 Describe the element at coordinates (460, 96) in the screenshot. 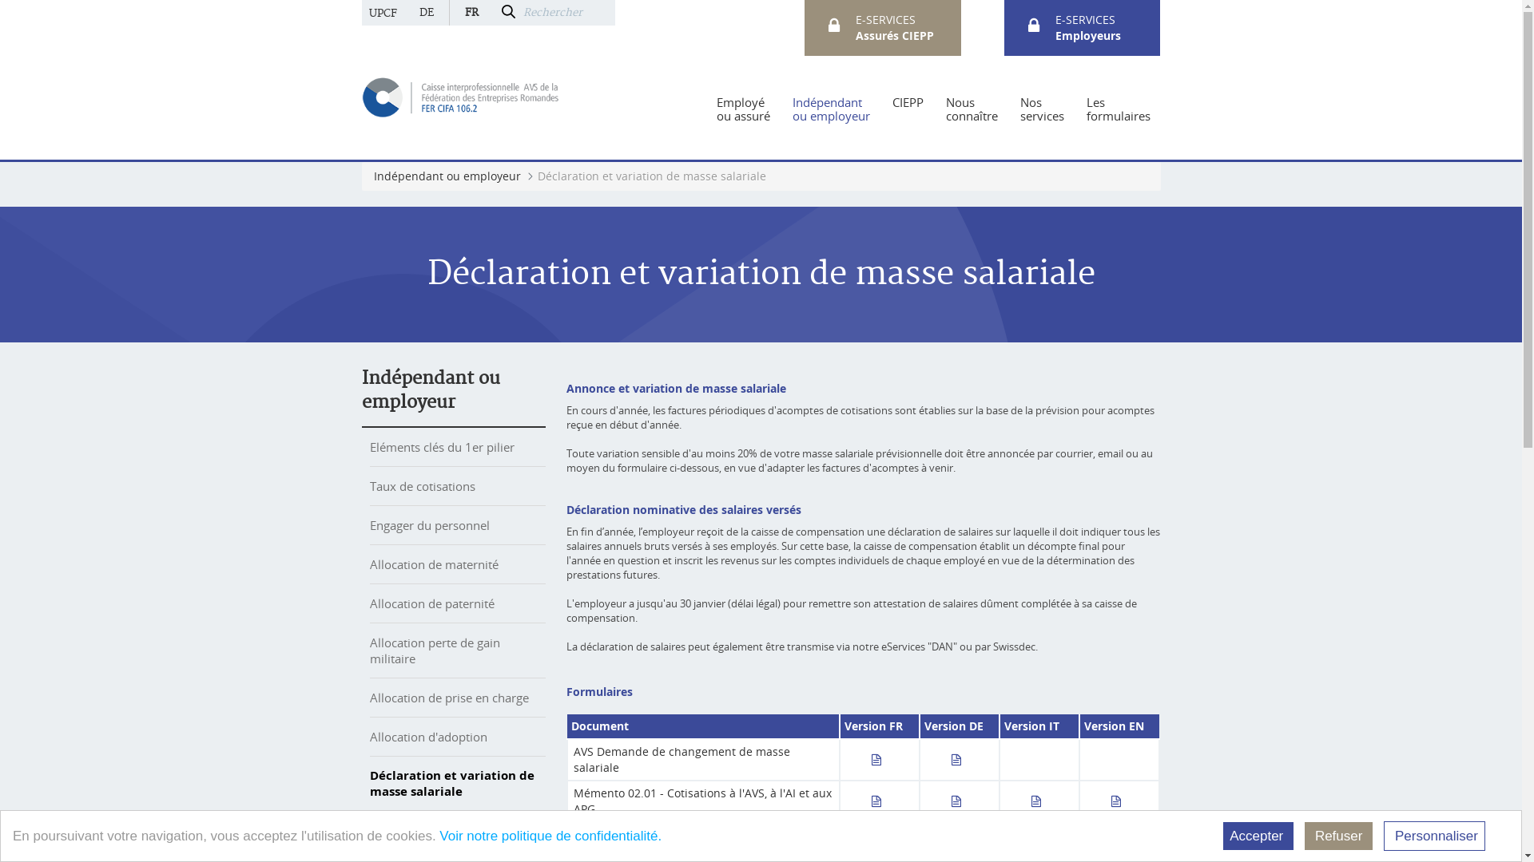

I see `' CIFA'` at that location.